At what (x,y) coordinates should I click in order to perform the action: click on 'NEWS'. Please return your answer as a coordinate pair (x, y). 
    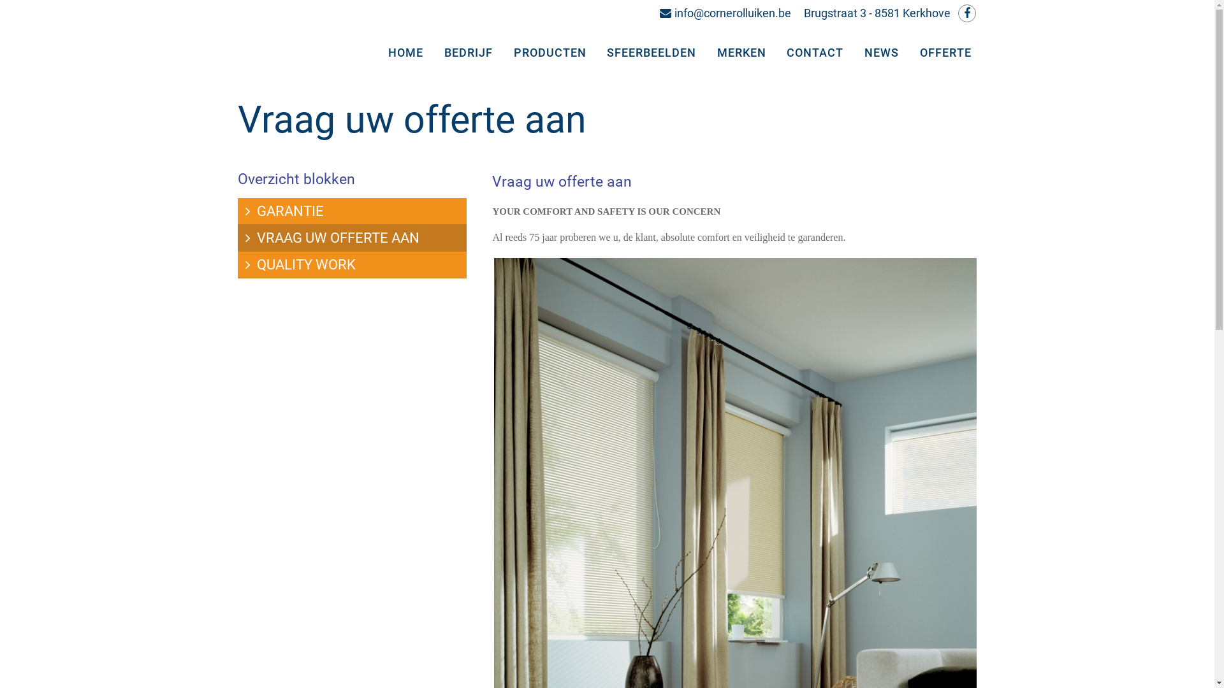
    Looking at the image, I should click on (882, 52).